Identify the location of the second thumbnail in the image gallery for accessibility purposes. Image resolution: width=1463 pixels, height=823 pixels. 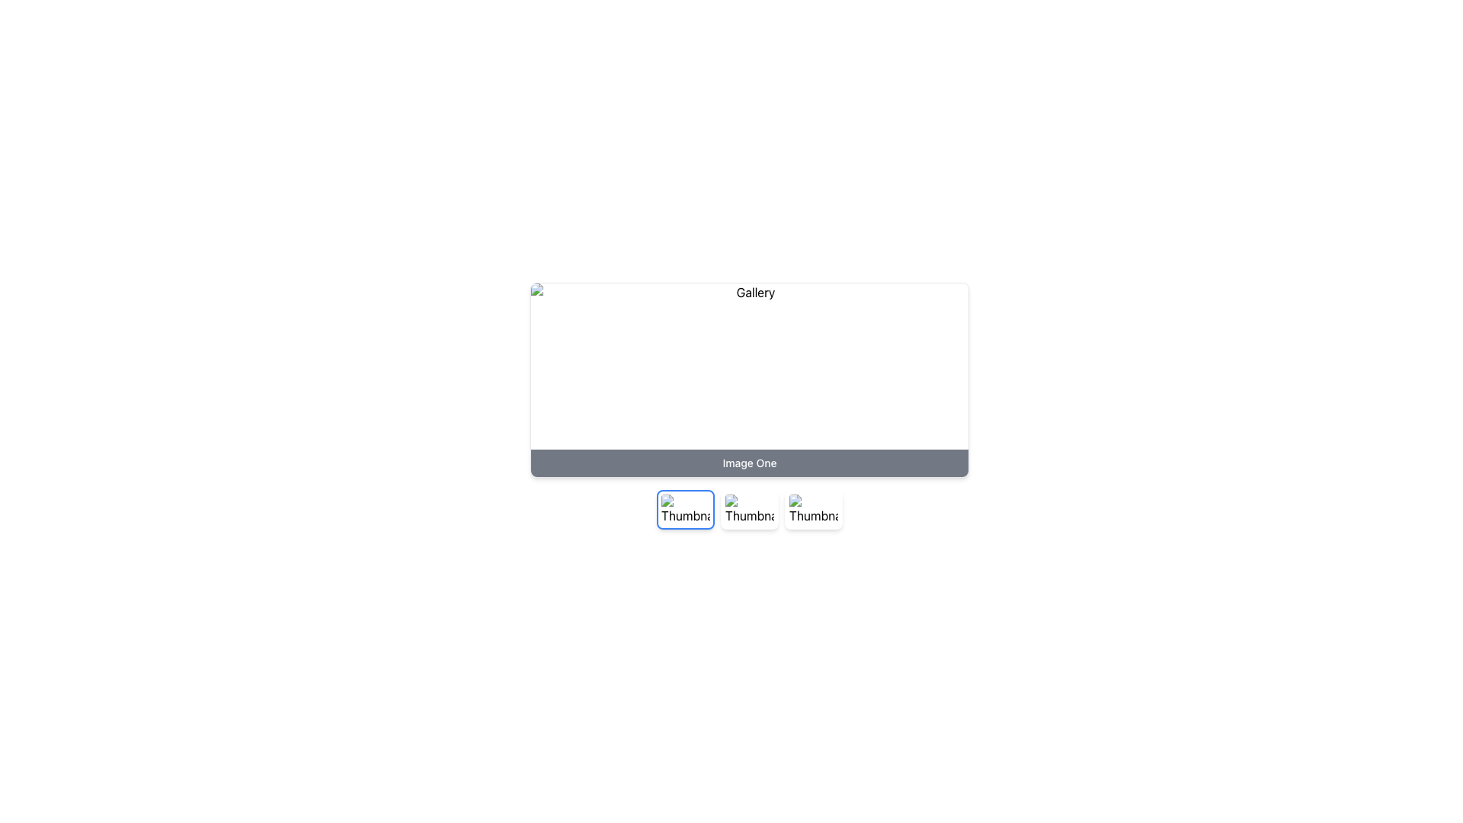
(749, 509).